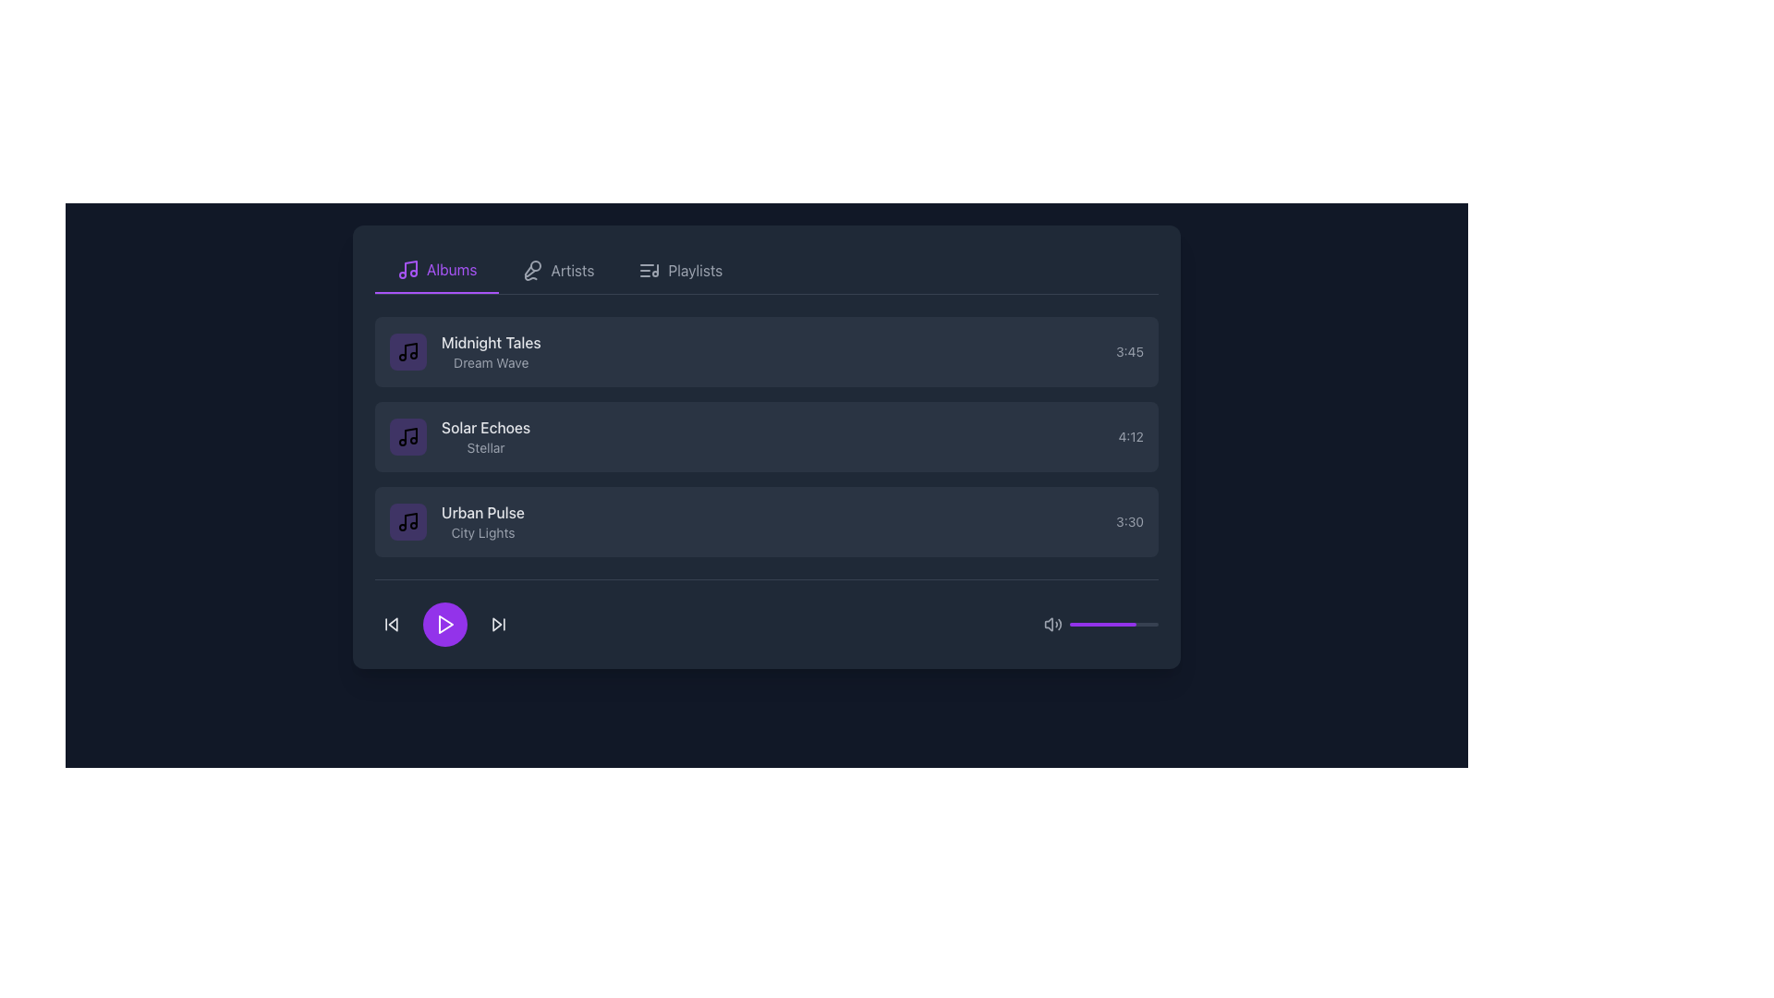  Describe the element at coordinates (390, 624) in the screenshot. I see `the circular skip-backward button with a dark background and a white backward arrow icon` at that location.